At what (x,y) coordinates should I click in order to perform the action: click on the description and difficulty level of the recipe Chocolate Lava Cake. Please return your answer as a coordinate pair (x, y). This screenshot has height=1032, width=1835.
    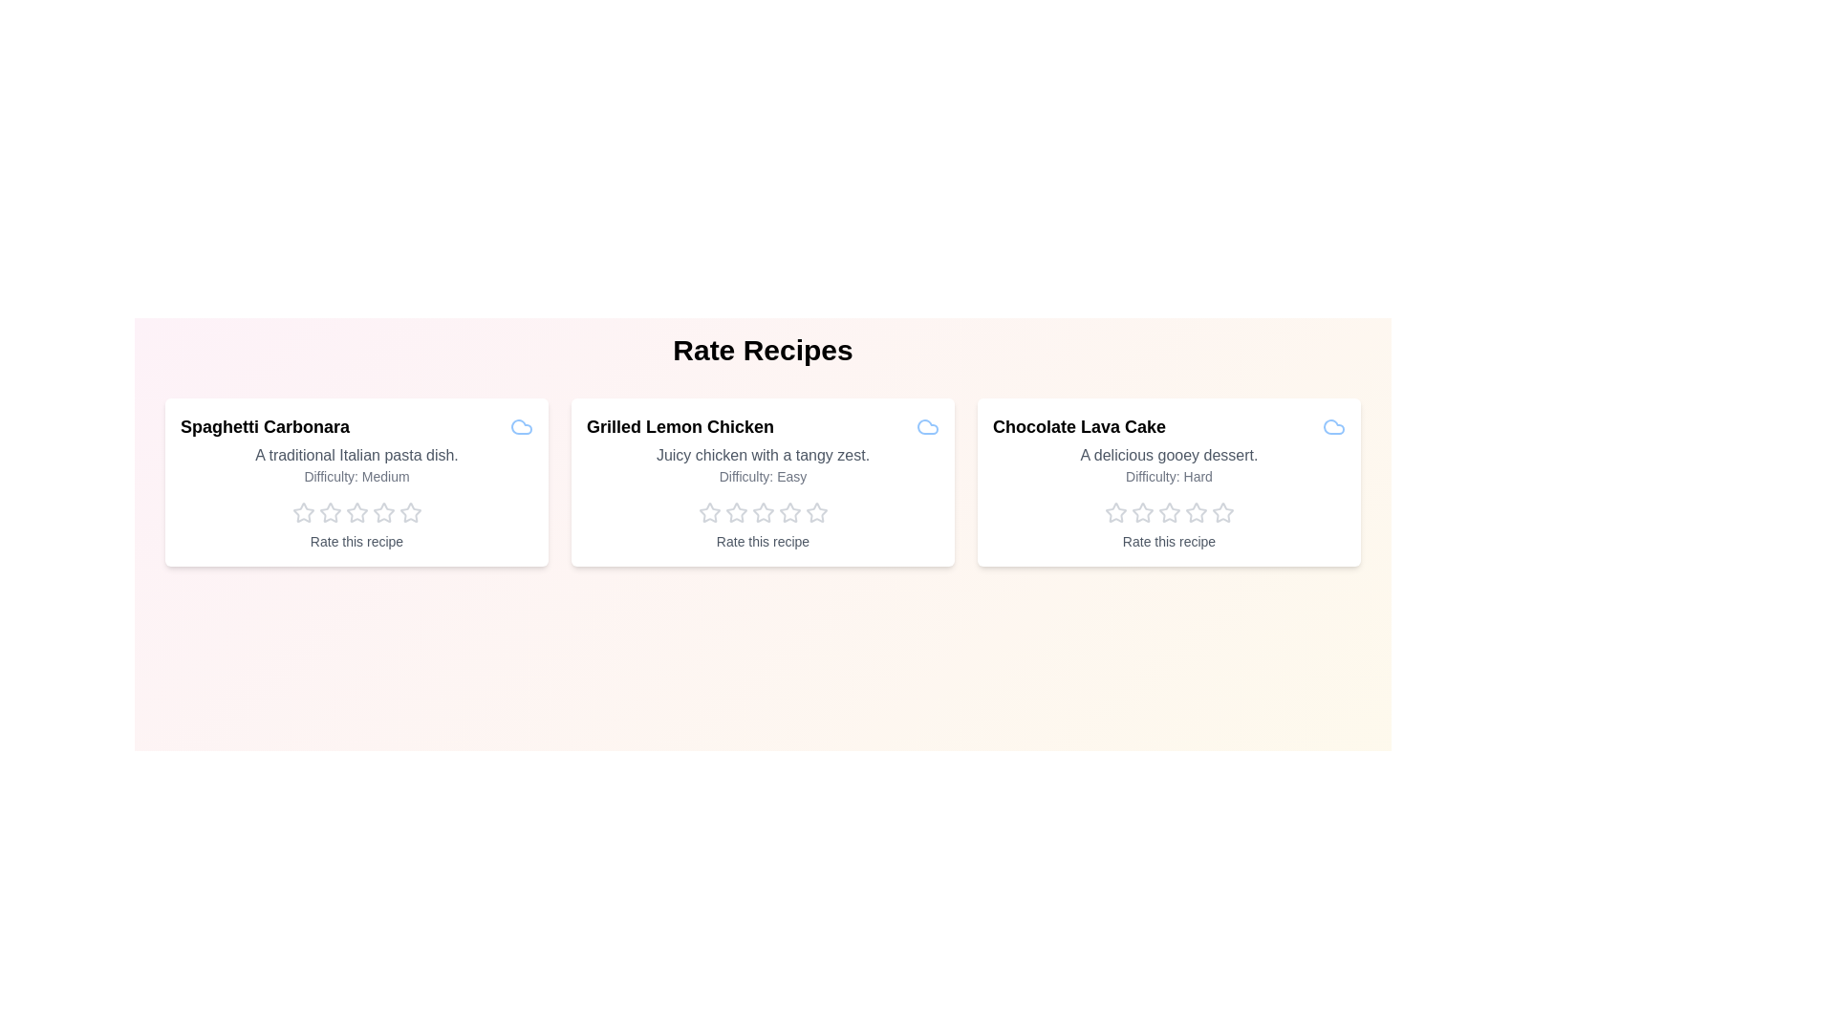
    Looking at the image, I should click on (1168, 456).